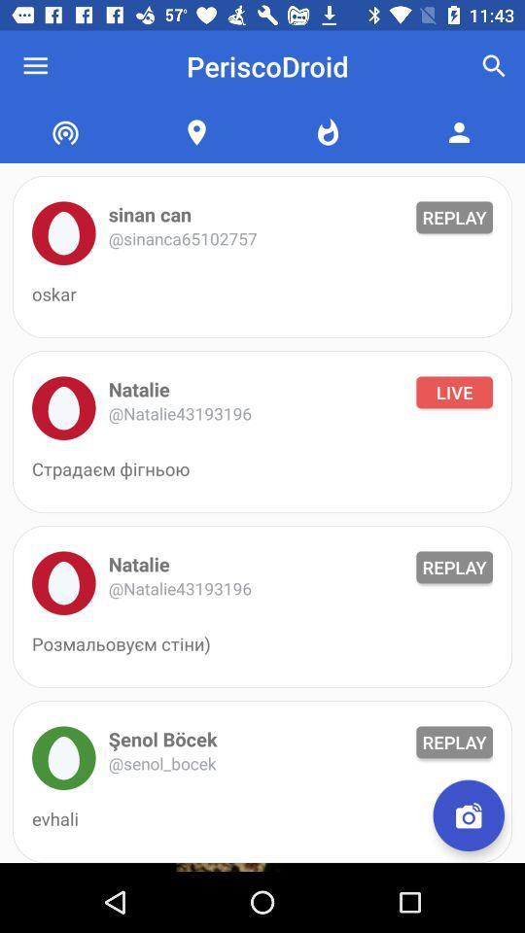 The height and width of the screenshot is (933, 525). Describe the element at coordinates (35, 66) in the screenshot. I see `the item next to the periscodroid icon` at that location.